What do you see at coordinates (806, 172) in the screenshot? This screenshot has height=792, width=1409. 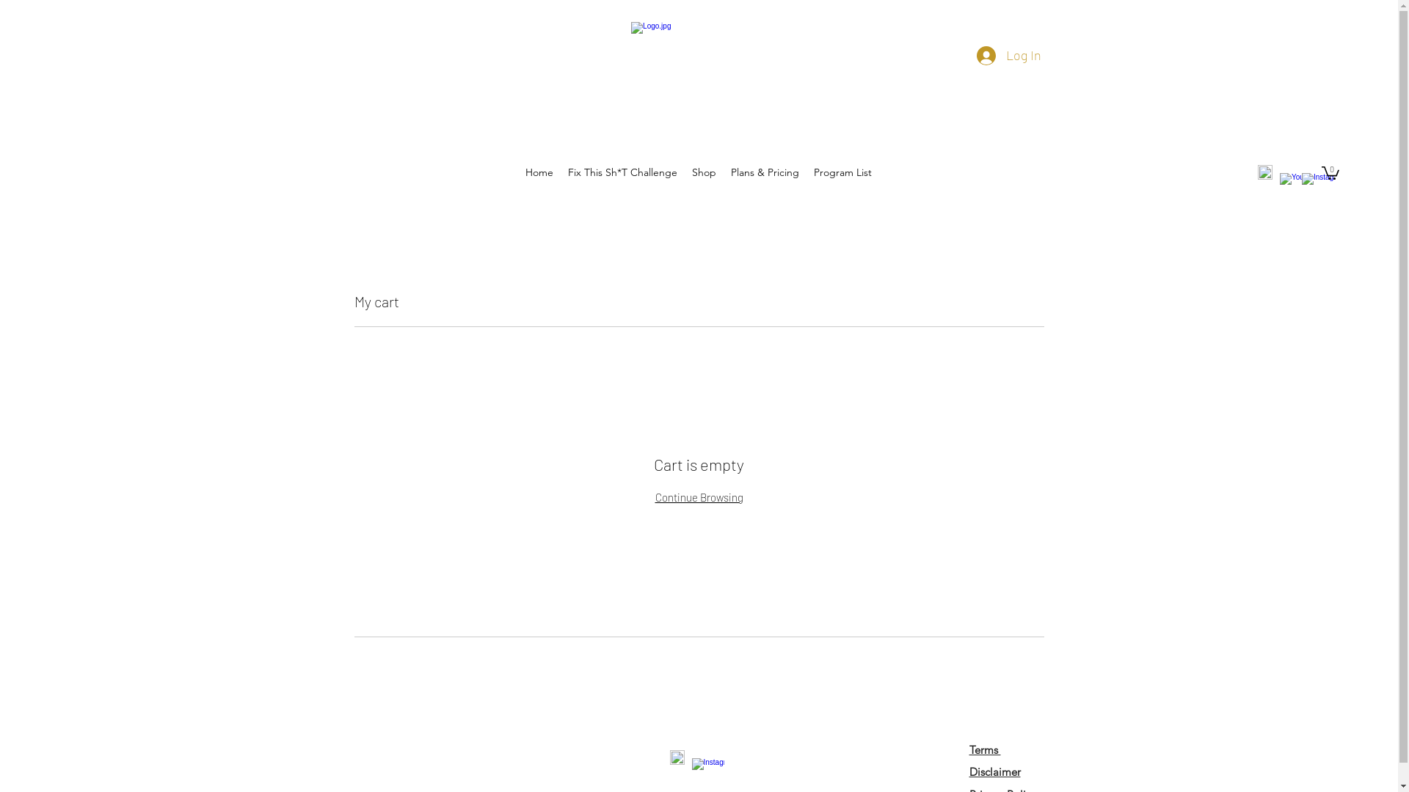 I see `'Program List'` at bounding box center [806, 172].